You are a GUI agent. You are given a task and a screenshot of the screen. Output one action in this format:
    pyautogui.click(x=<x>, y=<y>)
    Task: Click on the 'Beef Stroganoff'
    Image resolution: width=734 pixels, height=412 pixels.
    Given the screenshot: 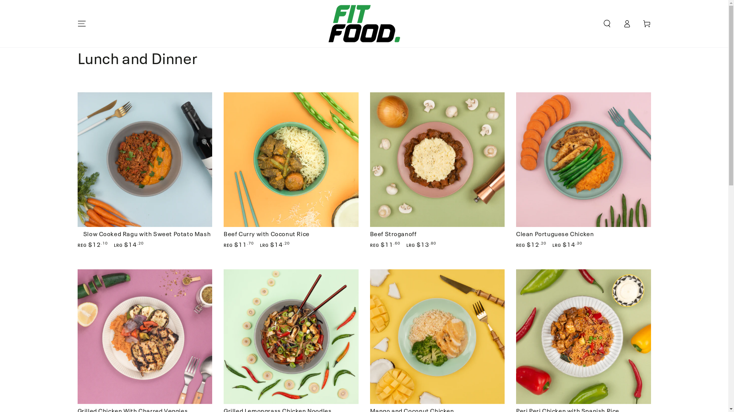 What is the action you would take?
    pyautogui.click(x=393, y=233)
    